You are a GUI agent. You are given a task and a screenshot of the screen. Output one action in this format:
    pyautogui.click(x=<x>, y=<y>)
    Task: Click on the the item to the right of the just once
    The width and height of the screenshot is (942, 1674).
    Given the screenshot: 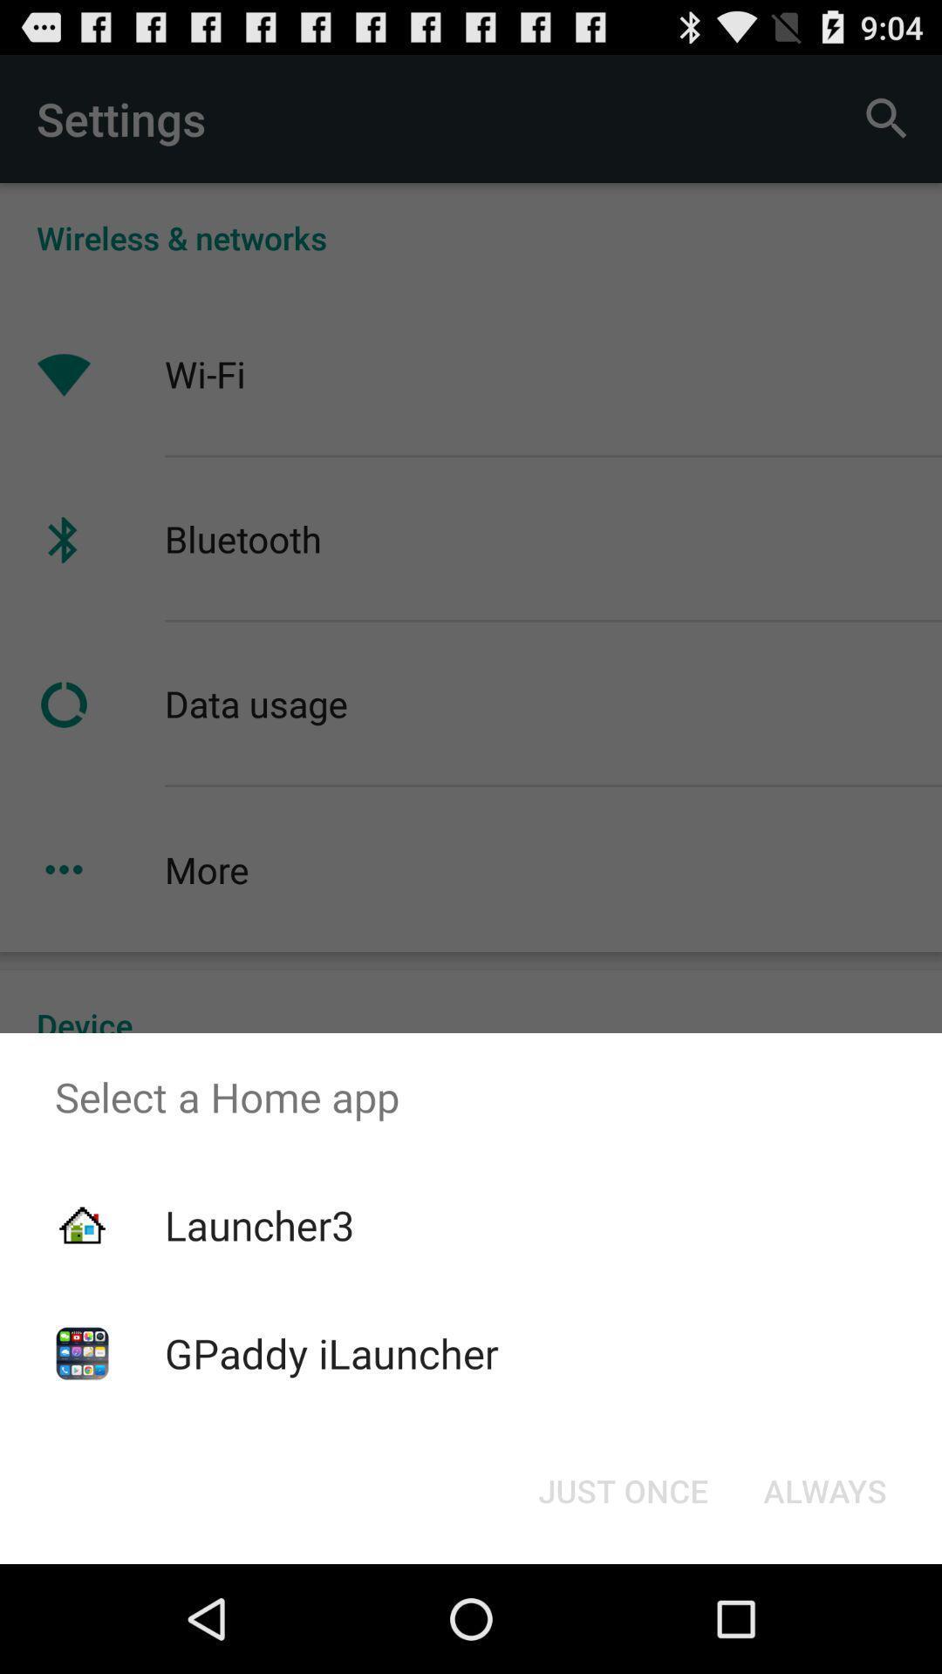 What is the action you would take?
    pyautogui.click(x=824, y=1489)
    